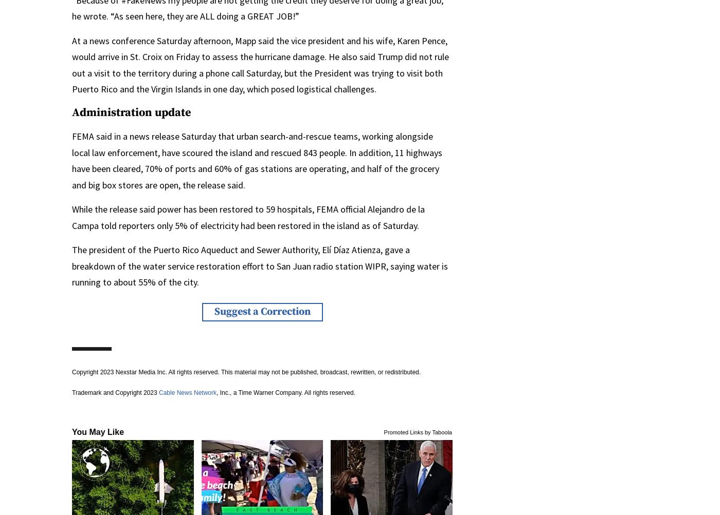 This screenshot has width=720, height=515. Describe the element at coordinates (213, 311) in the screenshot. I see `'Suggest a Correction'` at that location.